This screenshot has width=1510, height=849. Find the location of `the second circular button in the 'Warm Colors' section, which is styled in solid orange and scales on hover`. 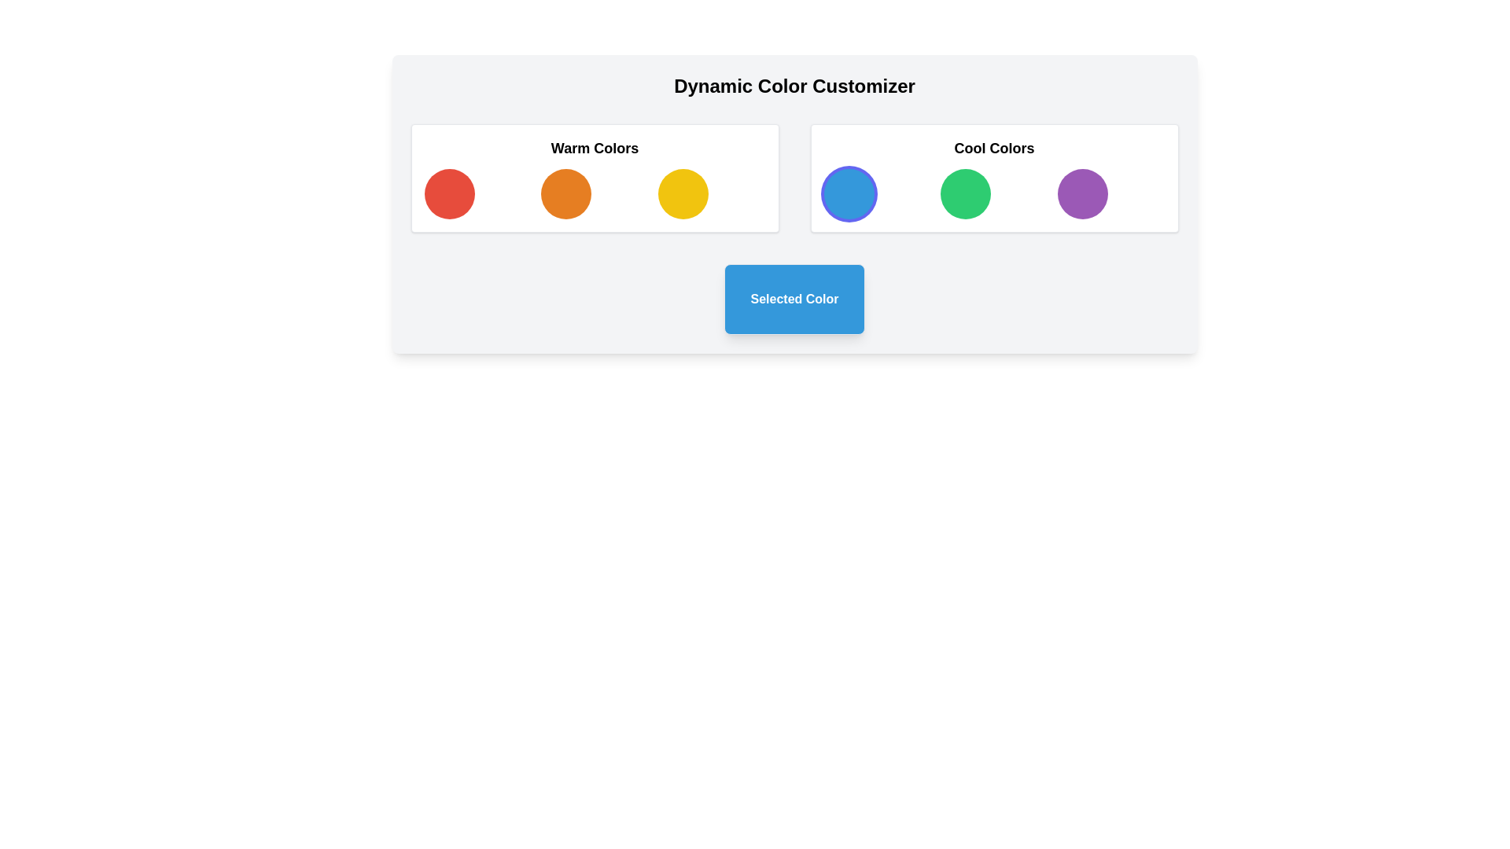

the second circular button in the 'Warm Colors' section, which is styled in solid orange and scales on hover is located at coordinates (566, 193).